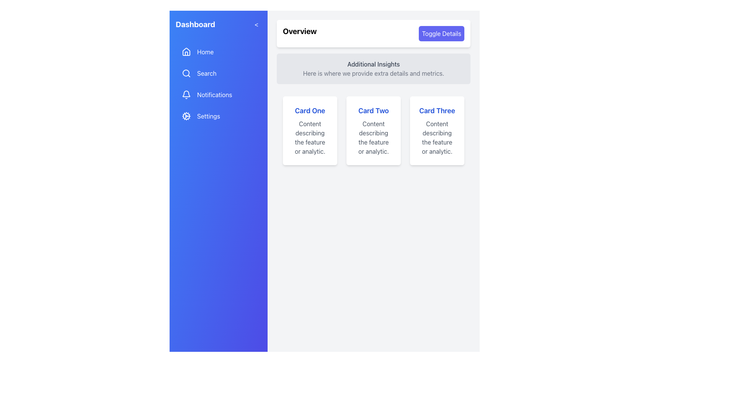  Describe the element at coordinates (208, 116) in the screenshot. I see `the 'Settings' text label in the sidebar menu` at that location.